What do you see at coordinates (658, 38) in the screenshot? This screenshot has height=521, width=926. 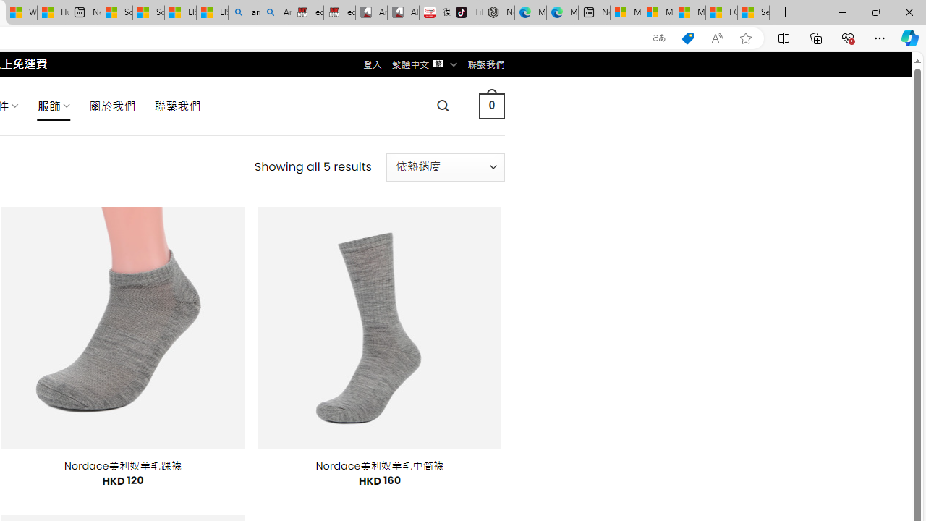 I see `'Show translate options'` at bounding box center [658, 38].